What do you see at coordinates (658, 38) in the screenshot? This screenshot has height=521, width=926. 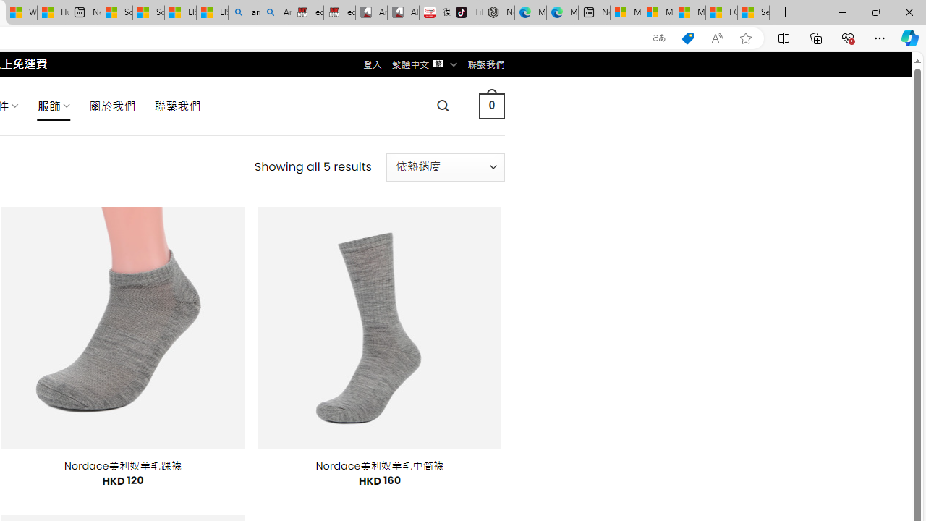 I see `'Show translate options'` at bounding box center [658, 38].